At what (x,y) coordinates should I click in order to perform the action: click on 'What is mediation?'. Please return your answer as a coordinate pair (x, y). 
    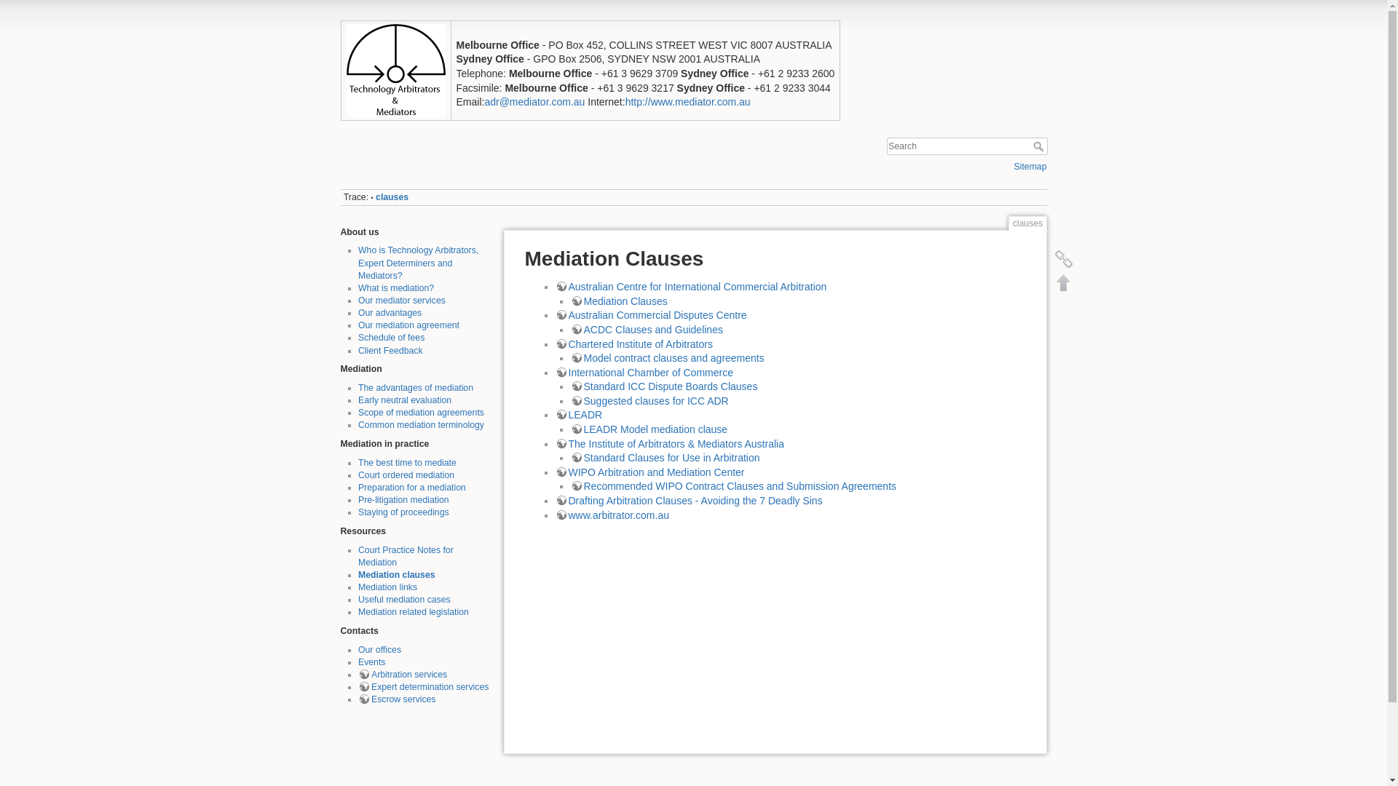
    Looking at the image, I should click on (395, 288).